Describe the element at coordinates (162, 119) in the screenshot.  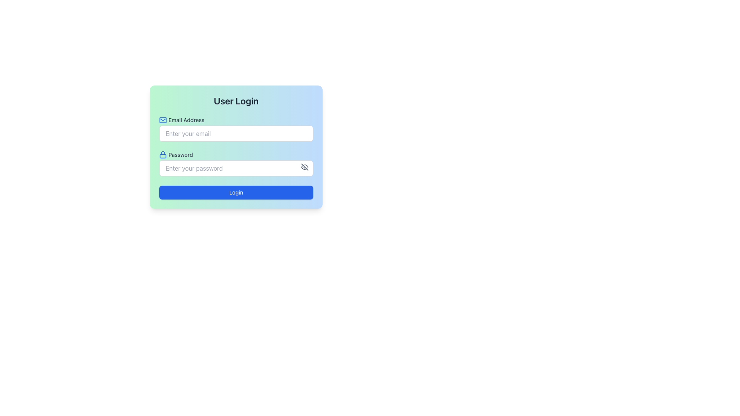
I see `the triangular graphical icon component that resembles an envelope flap, which is styled in blue and located next to the 'Email Address' input field` at that location.